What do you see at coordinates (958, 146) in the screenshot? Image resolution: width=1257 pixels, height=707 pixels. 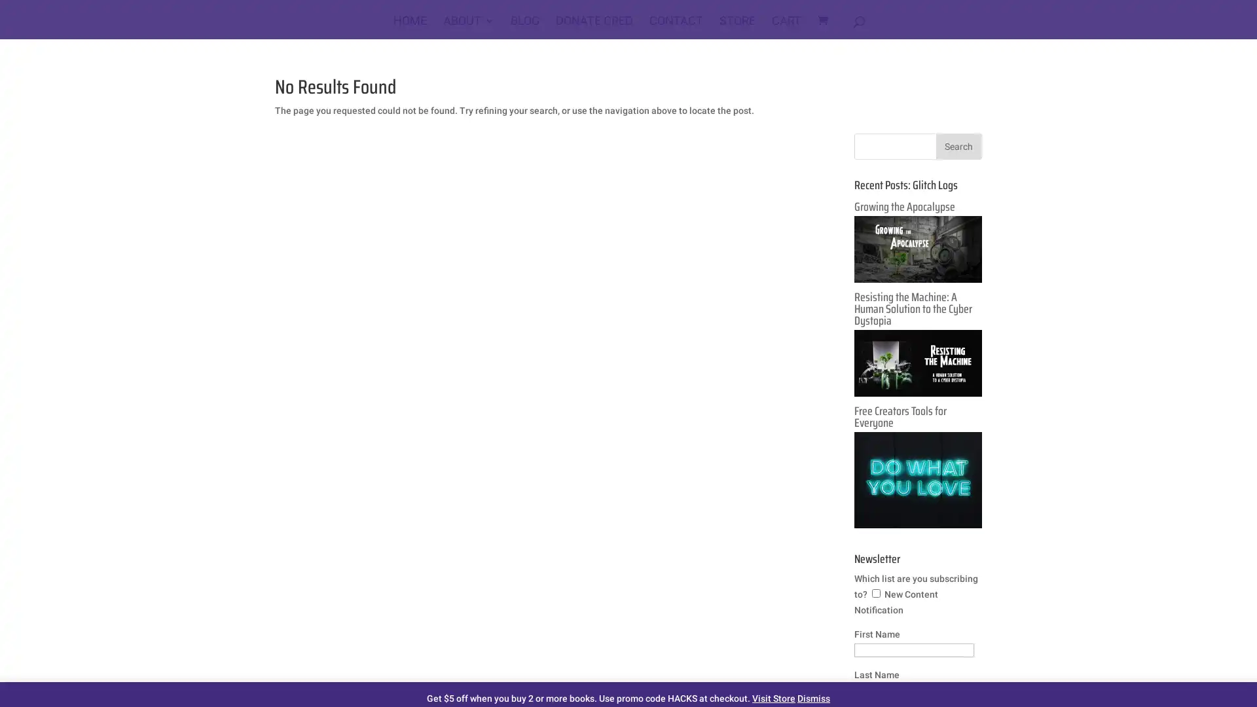 I see `Search` at bounding box center [958, 146].